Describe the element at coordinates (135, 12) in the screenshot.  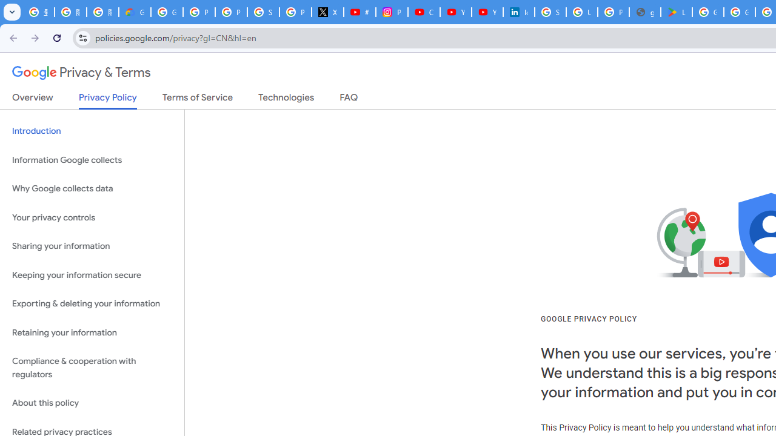
I see `'Google Cloud Privacy Notice'` at that location.